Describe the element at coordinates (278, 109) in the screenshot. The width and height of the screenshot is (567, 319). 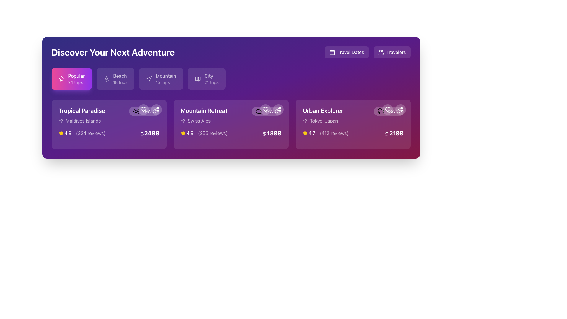
I see `the circular share button with a semi-transparent white background located in the top-right corner of the 'Mountain Retreat' card` at that location.